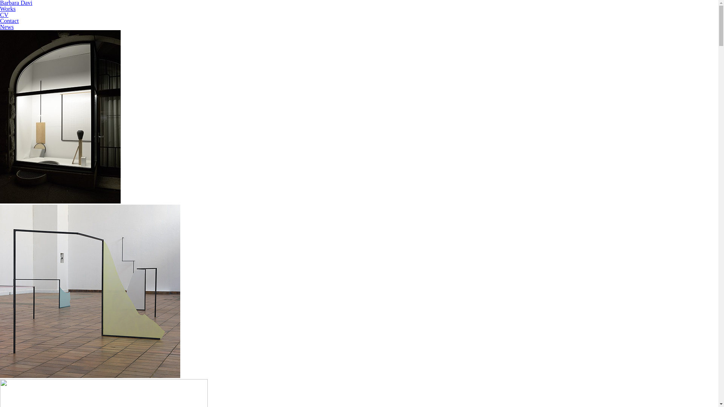 Image resolution: width=724 pixels, height=407 pixels. I want to click on 'Contact', so click(9, 20).